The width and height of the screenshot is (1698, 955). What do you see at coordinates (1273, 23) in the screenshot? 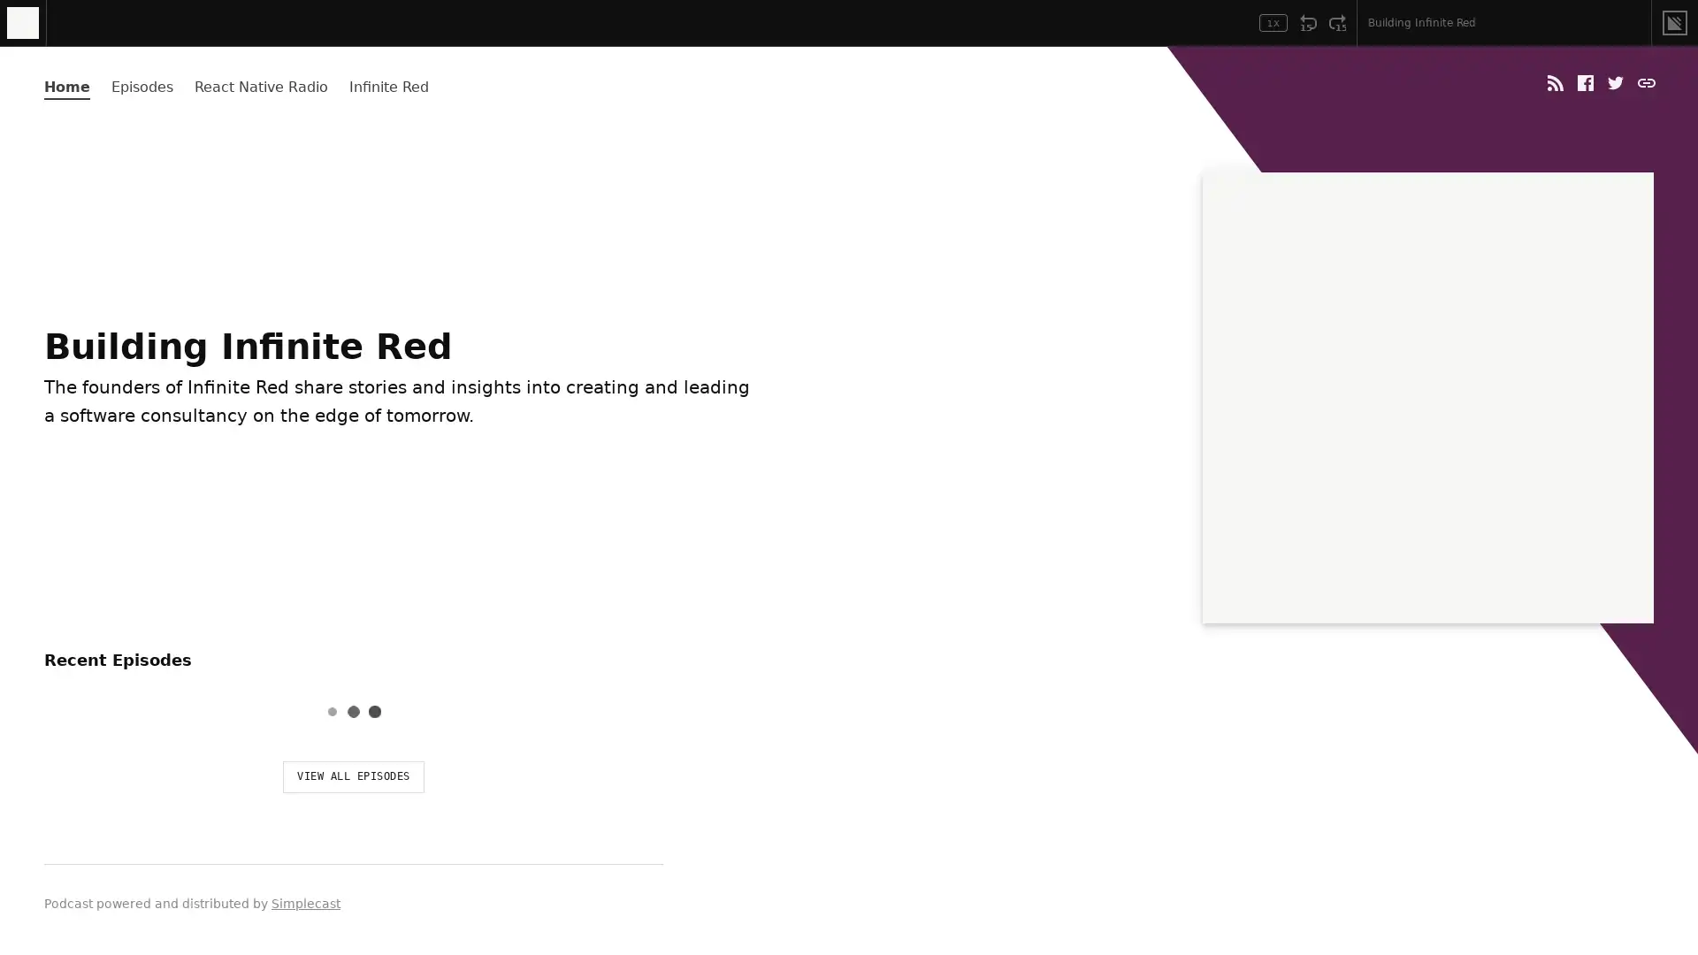
I see `Toggle Speed: Current Speed 1x` at bounding box center [1273, 23].